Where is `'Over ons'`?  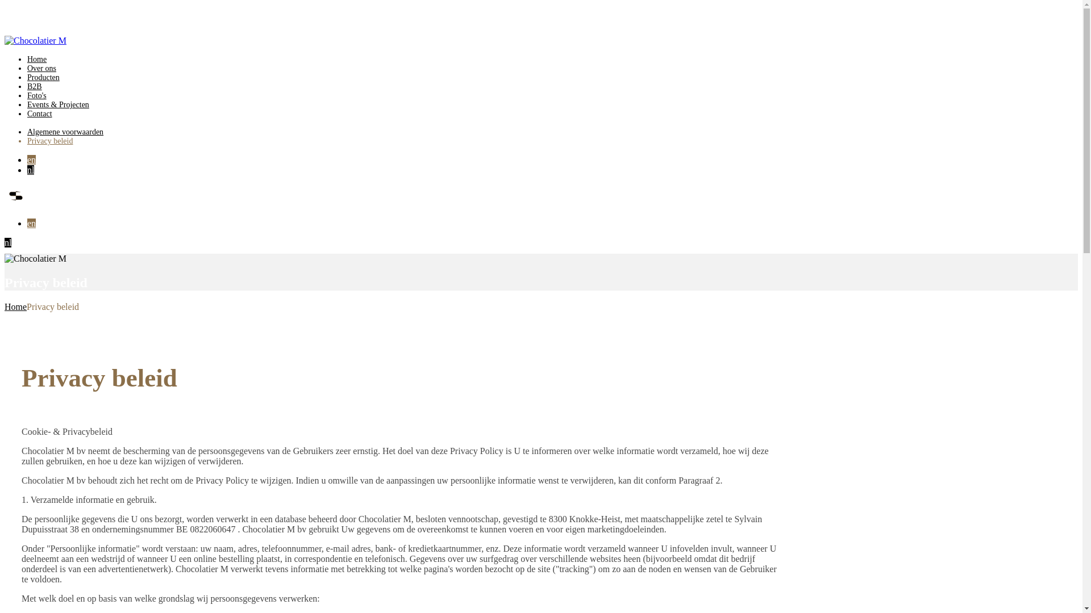
'Over ons' is located at coordinates (41, 68).